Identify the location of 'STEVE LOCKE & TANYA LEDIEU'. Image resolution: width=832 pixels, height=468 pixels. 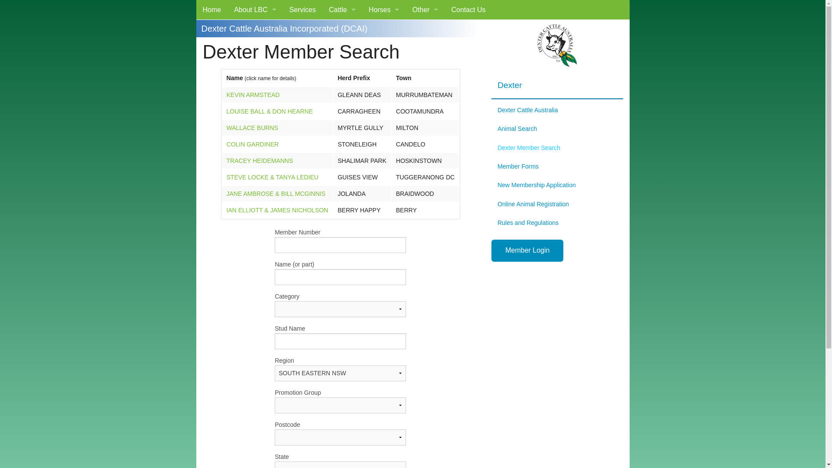
(272, 176).